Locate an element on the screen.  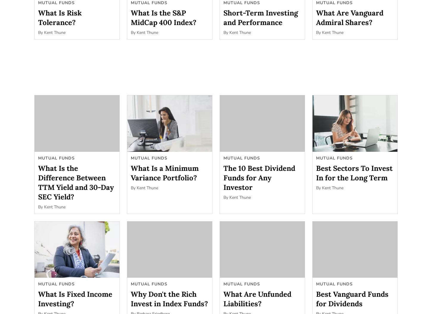
'What Is Fixed Income Investing?' is located at coordinates (38, 299).